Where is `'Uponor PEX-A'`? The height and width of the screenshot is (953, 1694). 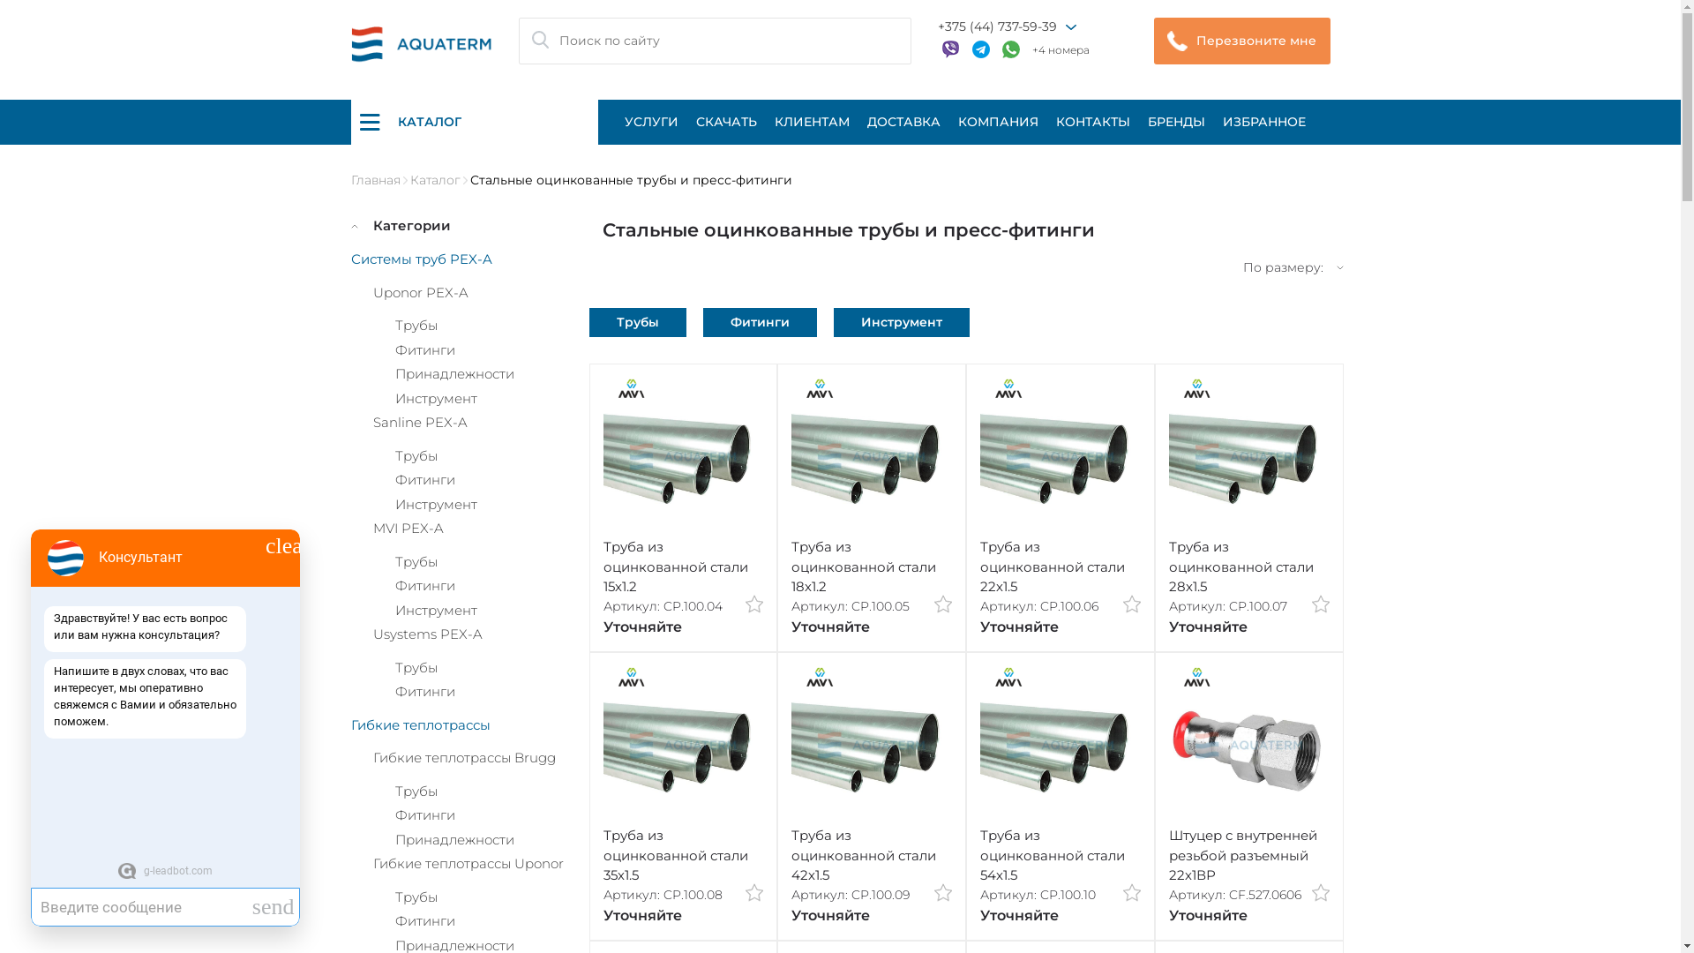
'Uponor PEX-A' is located at coordinates (418, 291).